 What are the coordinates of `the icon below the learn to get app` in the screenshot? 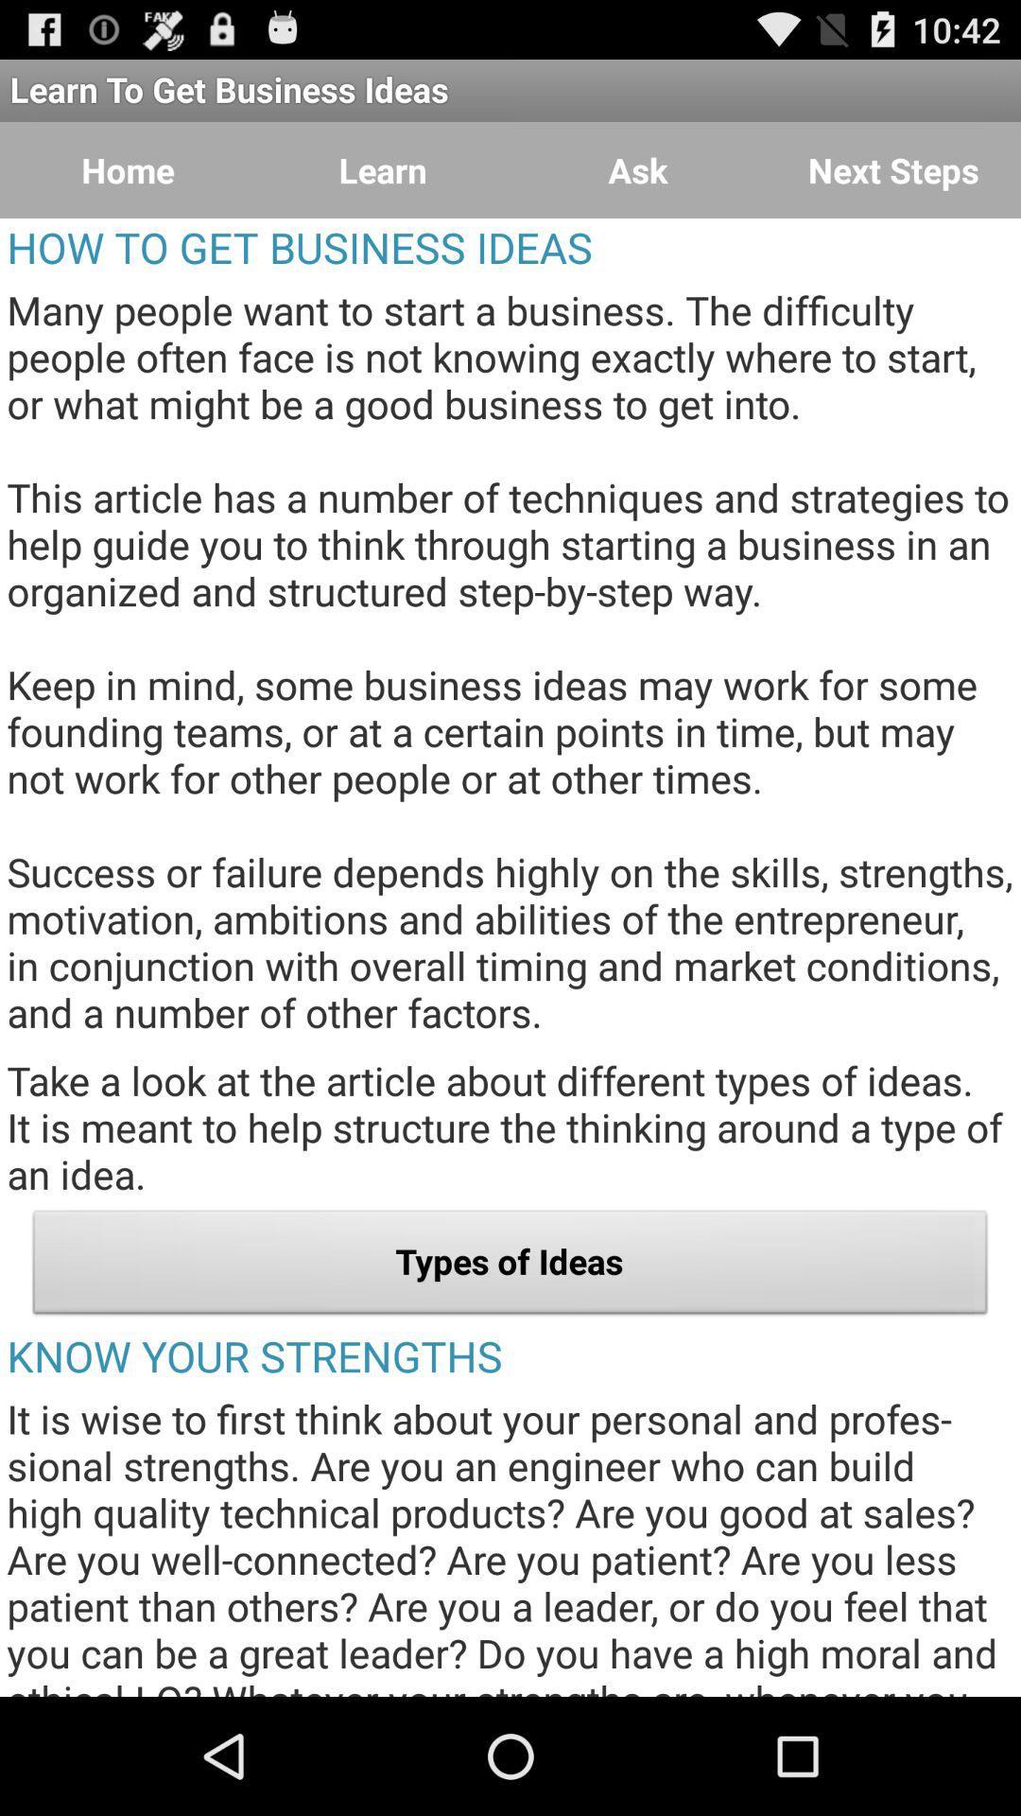 It's located at (893, 170).